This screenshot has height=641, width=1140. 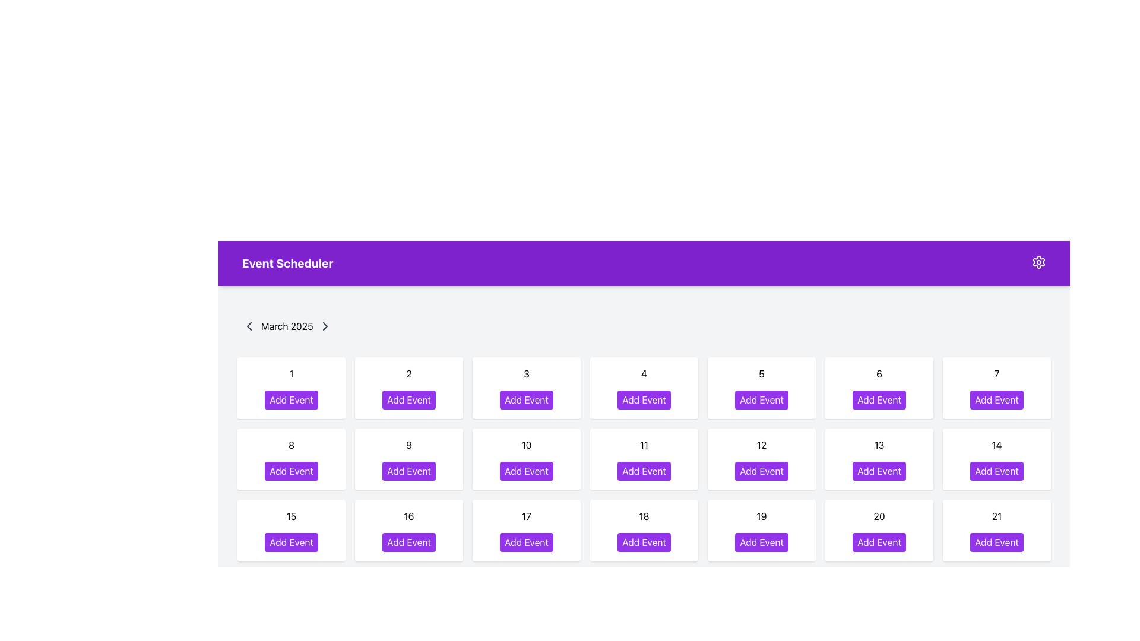 I want to click on the 'Add Event' button located in the sixth row and sixth column of the calendar interface under 'March 2025' to schedule an event for the date represented by day 20, so click(x=879, y=542).